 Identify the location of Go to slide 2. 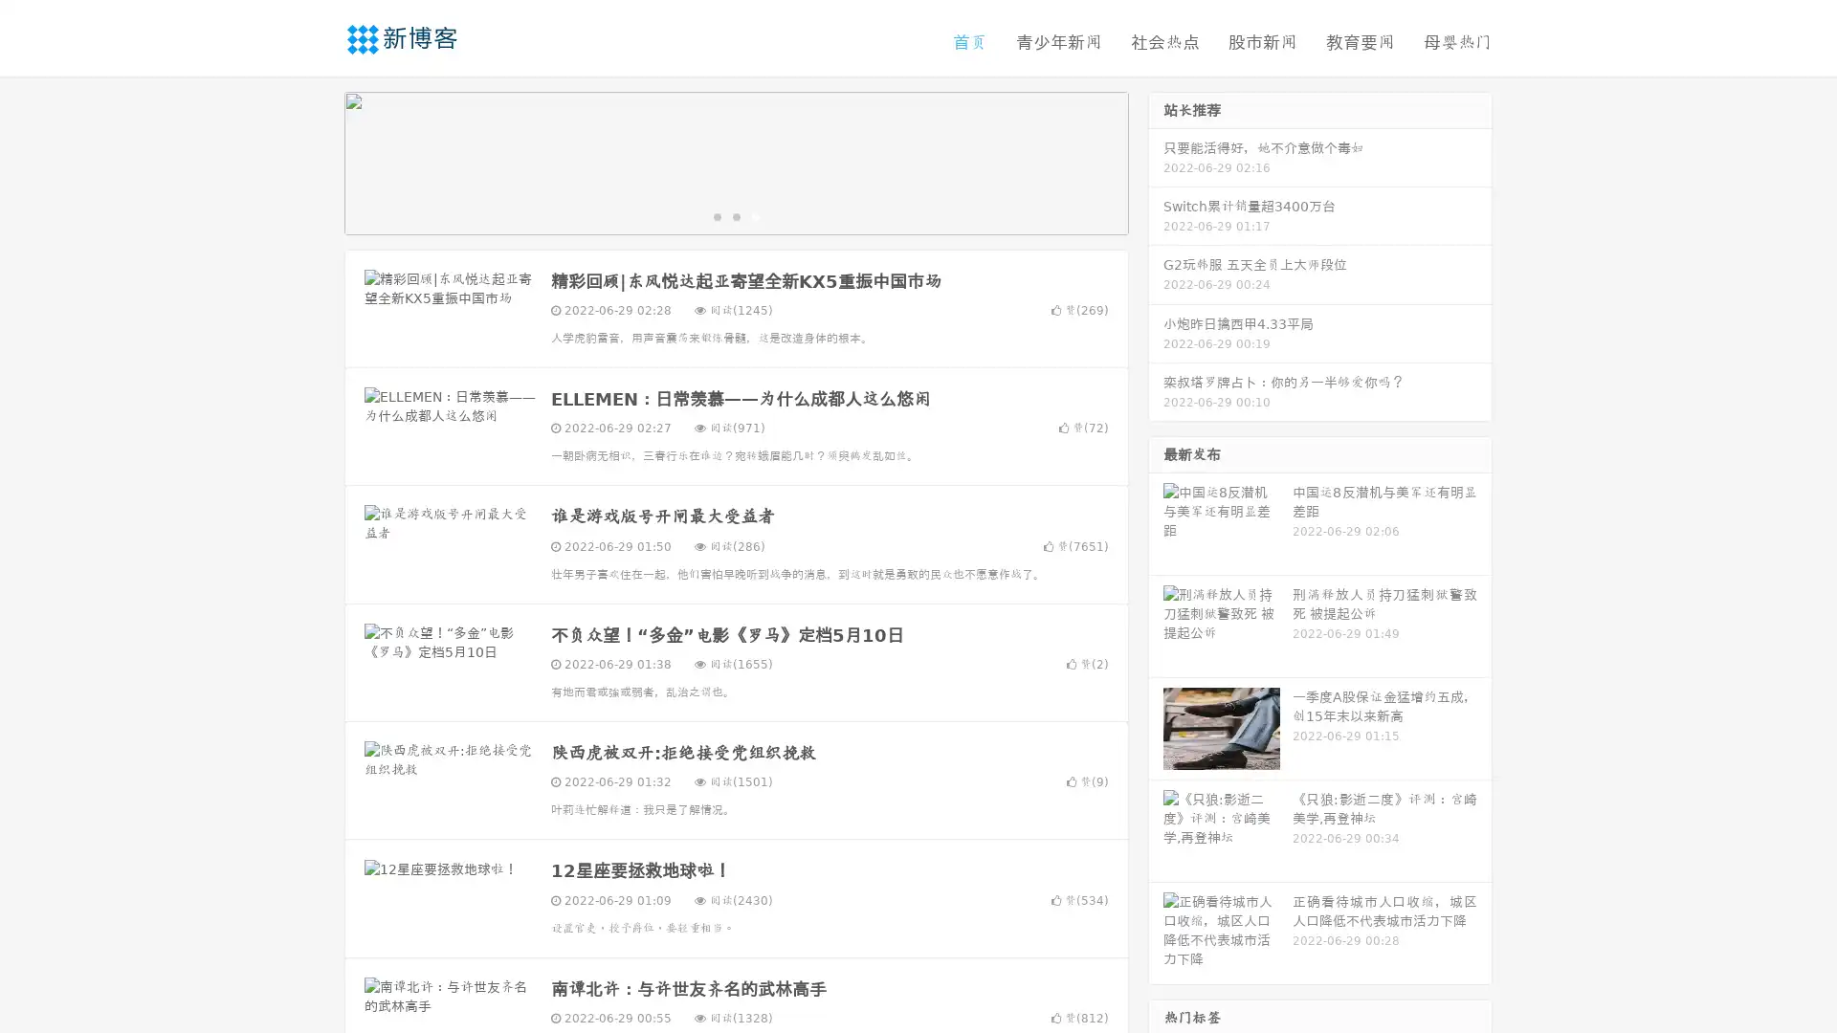
(735, 215).